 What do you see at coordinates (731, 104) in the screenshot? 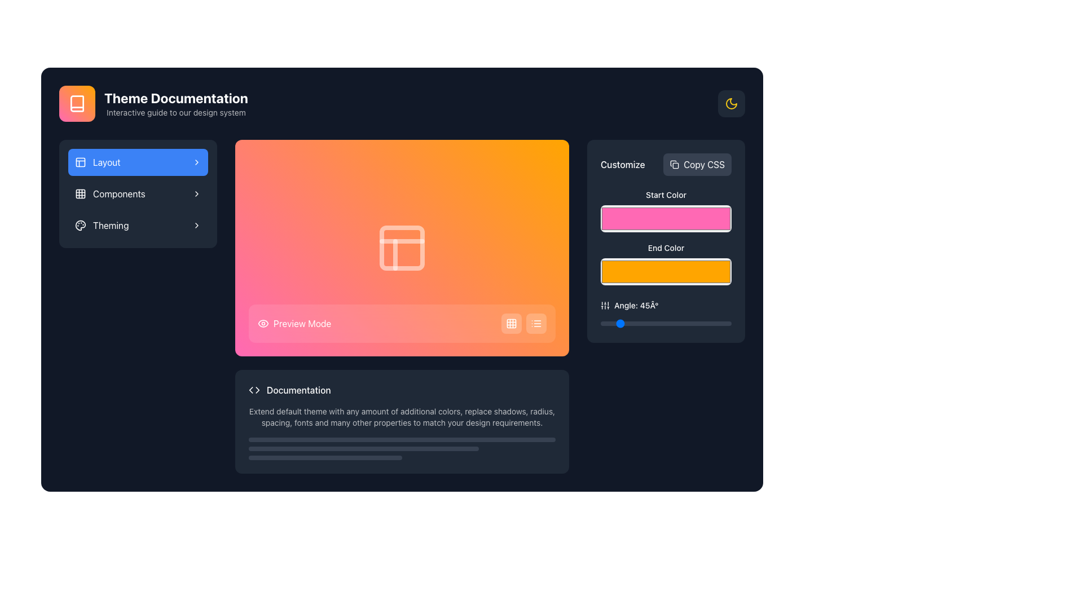
I see `the circular icon with a yellow outline and dark interior, featuring a crescent moon shape, located in the top-right corner of the application interface` at bounding box center [731, 104].